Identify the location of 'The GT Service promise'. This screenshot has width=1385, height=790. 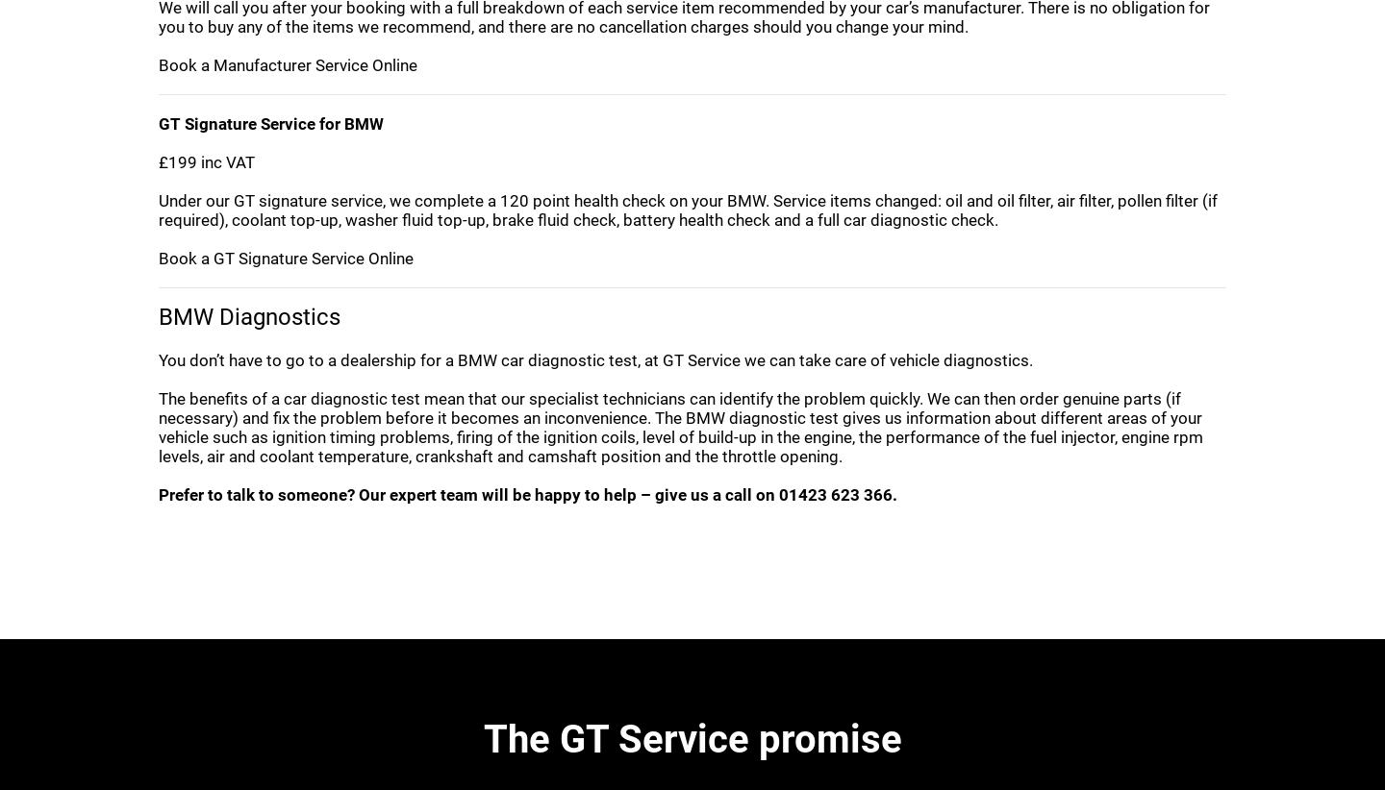
(692, 737).